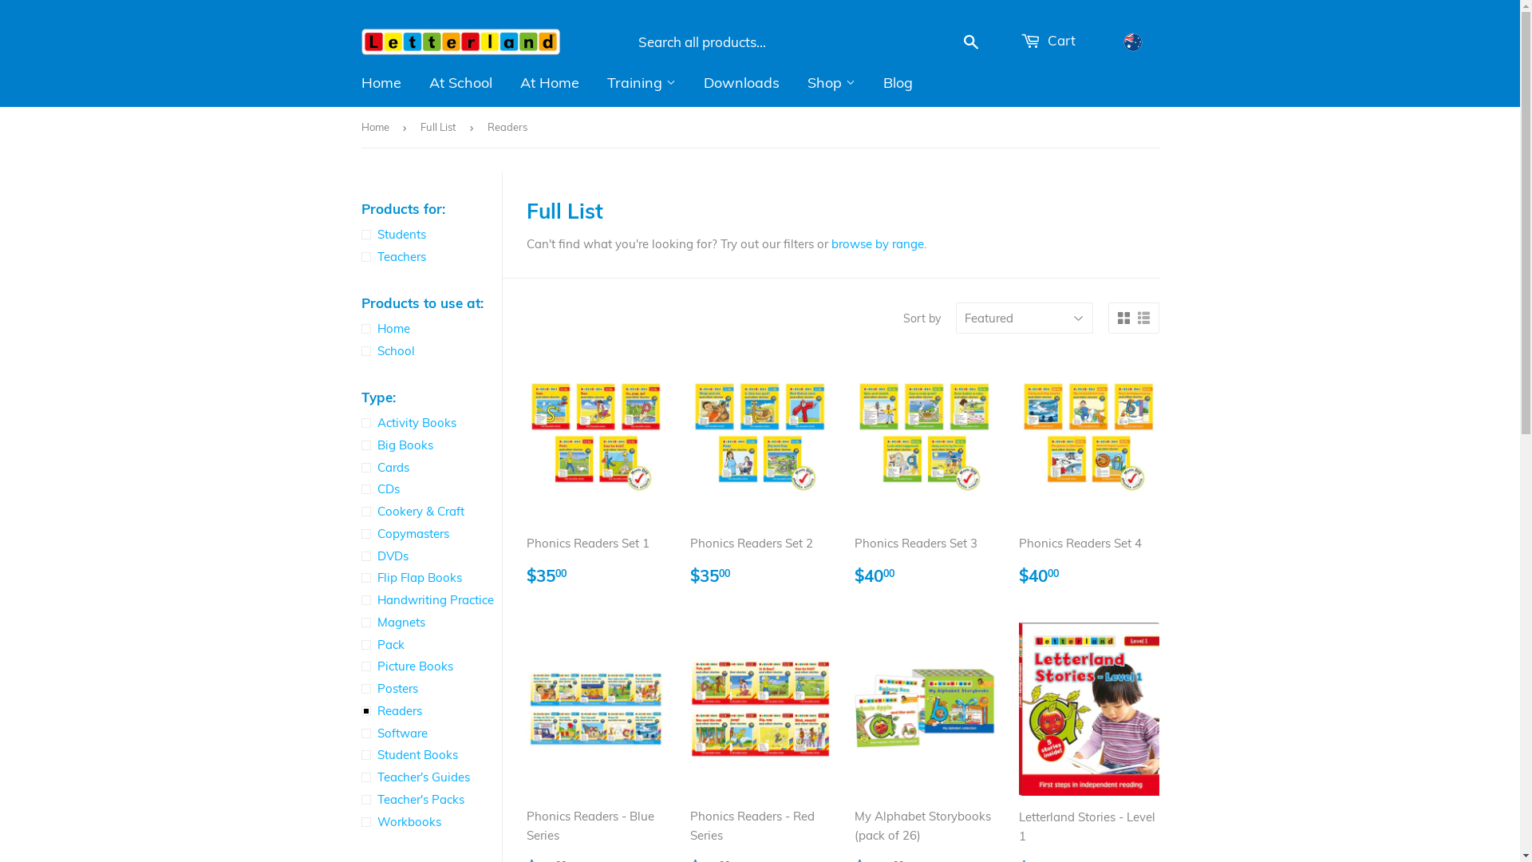 The height and width of the screenshot is (862, 1532). What do you see at coordinates (430, 688) in the screenshot?
I see `'Posters'` at bounding box center [430, 688].